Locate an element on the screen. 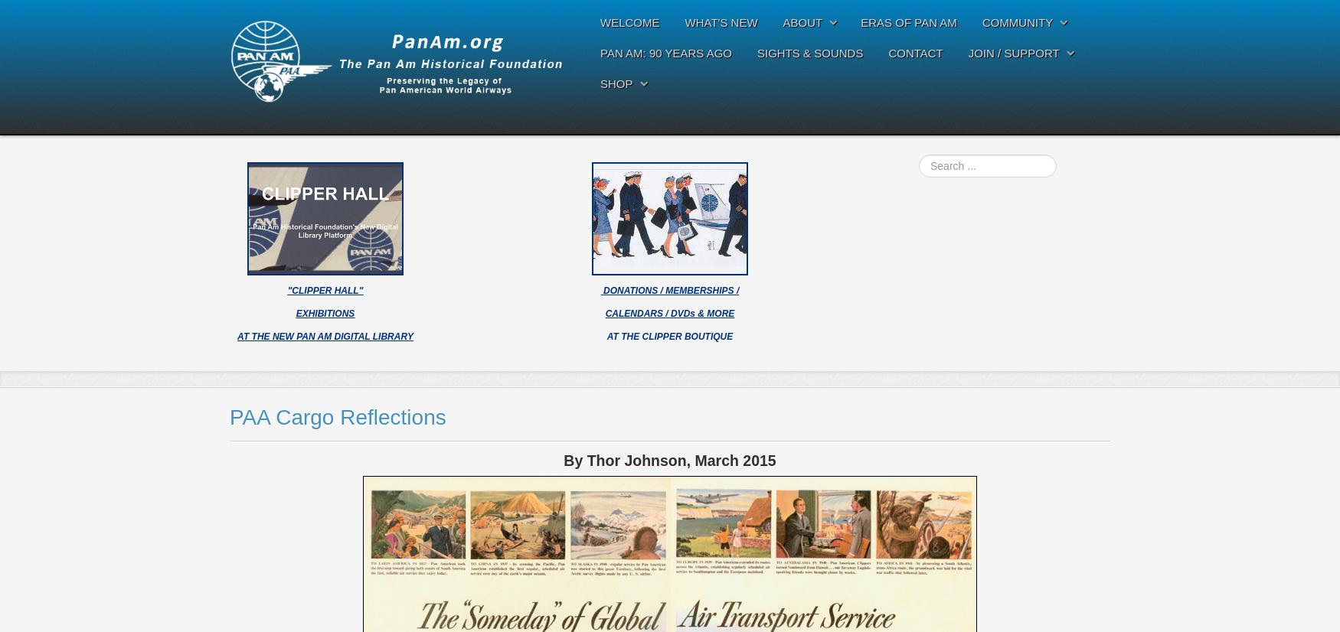 This screenshot has height=632, width=1340. 'CONTACT' is located at coordinates (915, 53).